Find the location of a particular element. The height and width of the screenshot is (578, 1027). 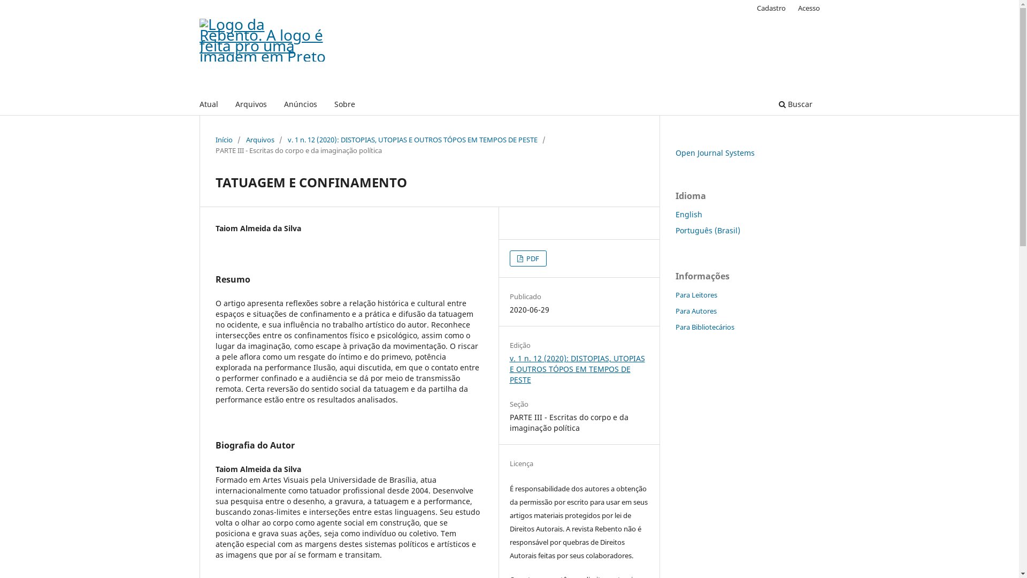

'Cadastro' is located at coordinates (751, 8).